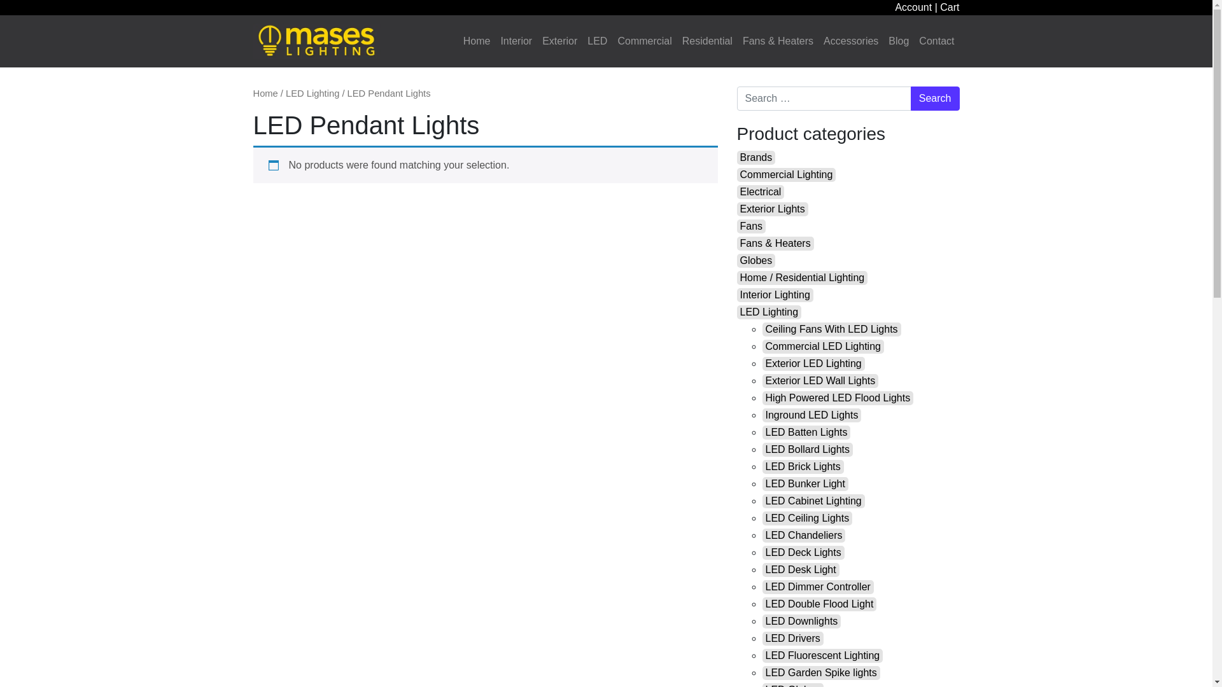  What do you see at coordinates (792, 638) in the screenshot?
I see `'LED Drivers'` at bounding box center [792, 638].